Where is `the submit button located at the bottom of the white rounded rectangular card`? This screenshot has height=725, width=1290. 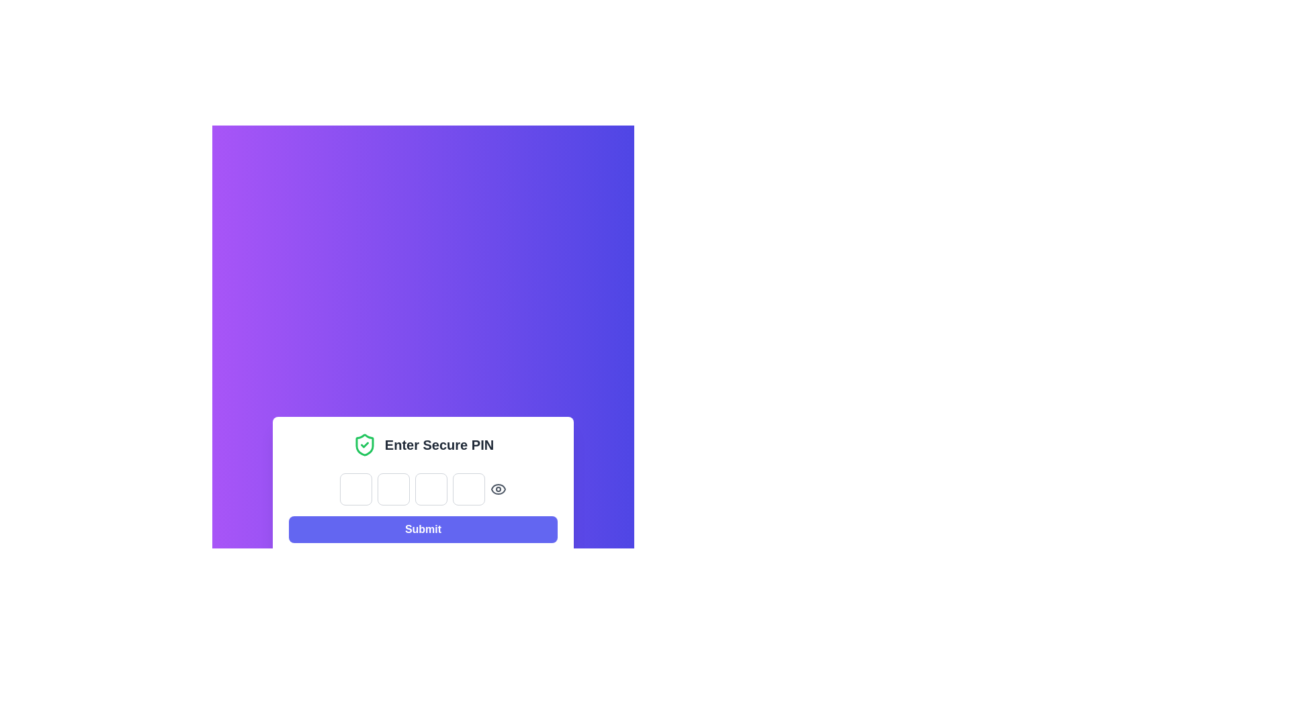 the submit button located at the bottom of the white rounded rectangular card is located at coordinates (422, 529).